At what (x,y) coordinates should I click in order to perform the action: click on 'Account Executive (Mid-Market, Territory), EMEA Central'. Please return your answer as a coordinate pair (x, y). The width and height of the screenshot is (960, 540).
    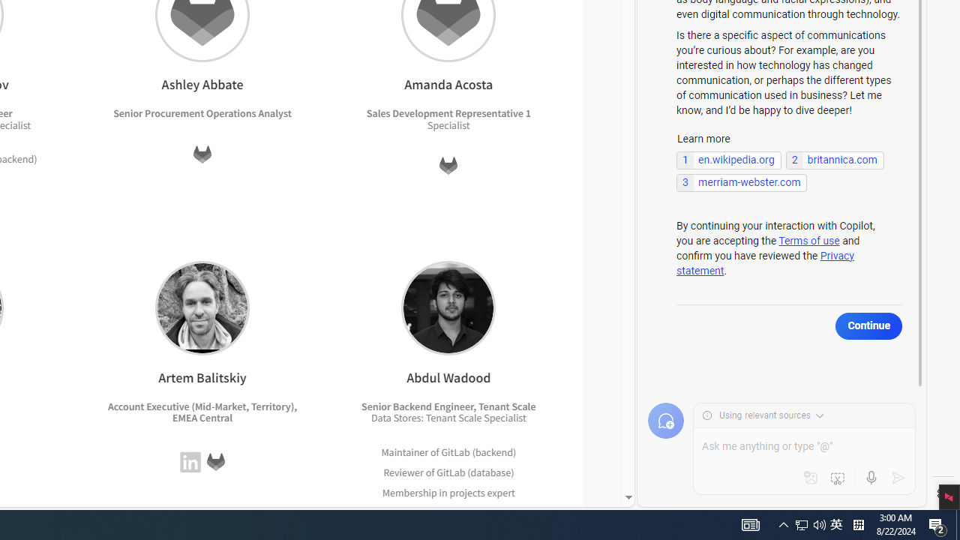
    Looking at the image, I should click on (202, 412).